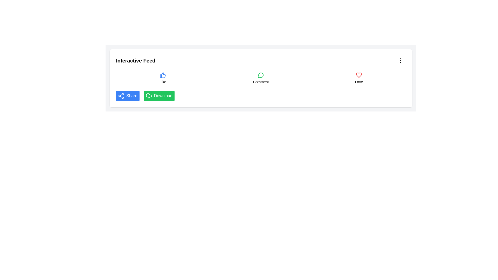 The height and width of the screenshot is (280, 498). What do you see at coordinates (358, 78) in the screenshot?
I see `the 'Love' interaction button located at the bottom-right of the grid layout within the 'Interactive Feed' section` at bounding box center [358, 78].